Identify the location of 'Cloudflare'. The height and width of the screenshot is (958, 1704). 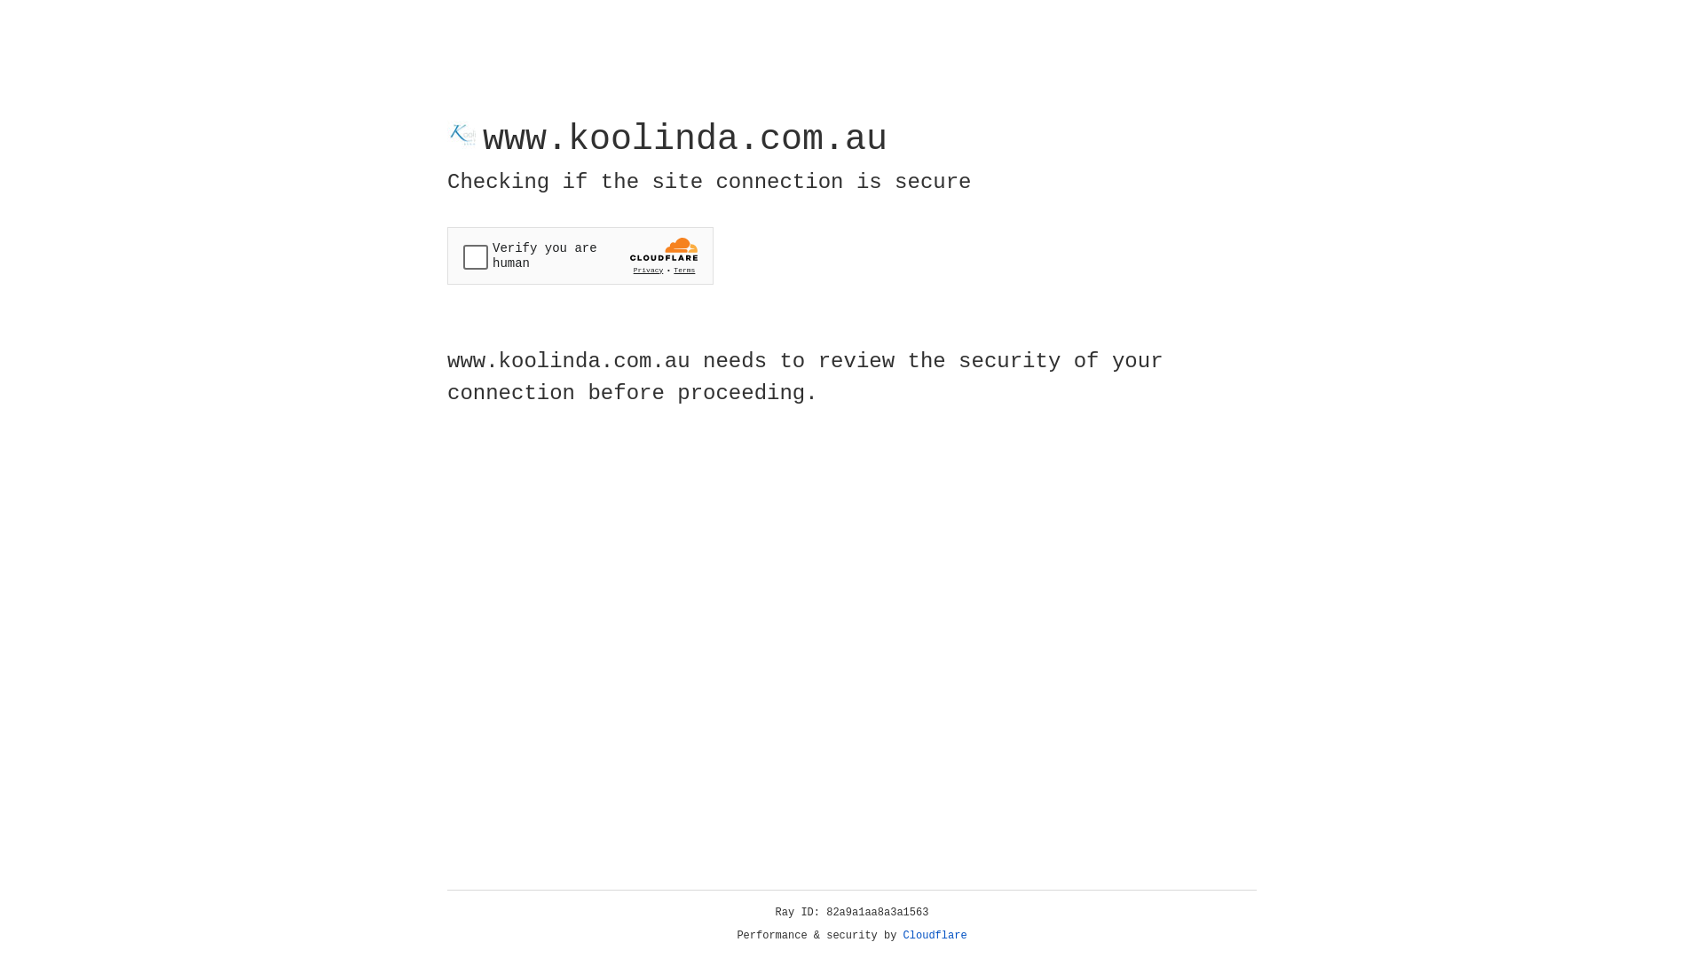
(935, 935).